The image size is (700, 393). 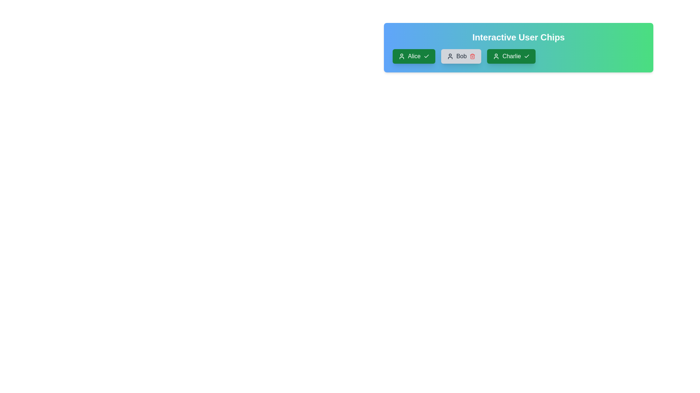 I want to click on the user chip labeled Bob, so click(x=460, y=56).